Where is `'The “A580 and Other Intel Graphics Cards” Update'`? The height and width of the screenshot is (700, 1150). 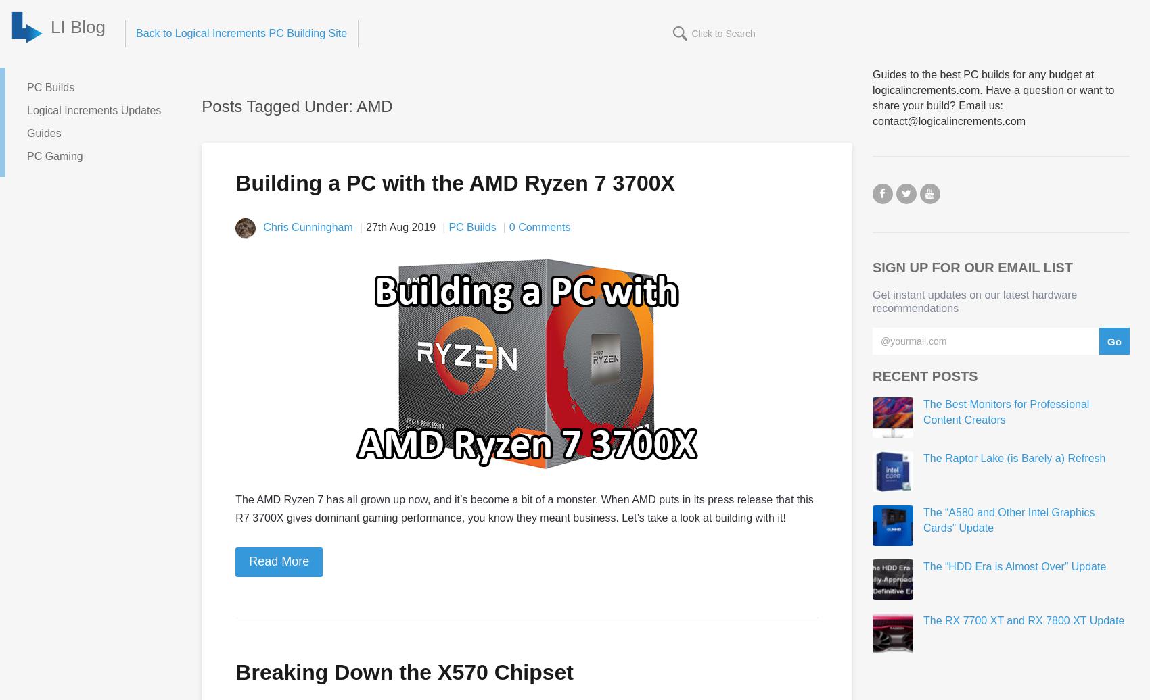
'The “A580 and Other Intel Graphics Cards” Update' is located at coordinates (1009, 520).